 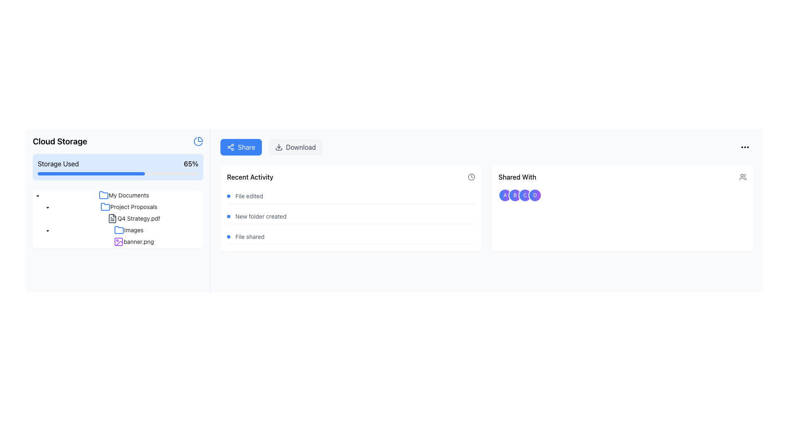 I want to click on the downward-pointing caret icon for hierarchical navigation located to the left of 'My Documents' under the 'Cloud Storage' section, so click(x=47, y=231).